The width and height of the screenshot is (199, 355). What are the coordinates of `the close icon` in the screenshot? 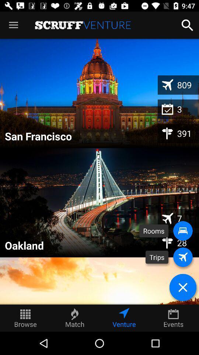 It's located at (182, 287).